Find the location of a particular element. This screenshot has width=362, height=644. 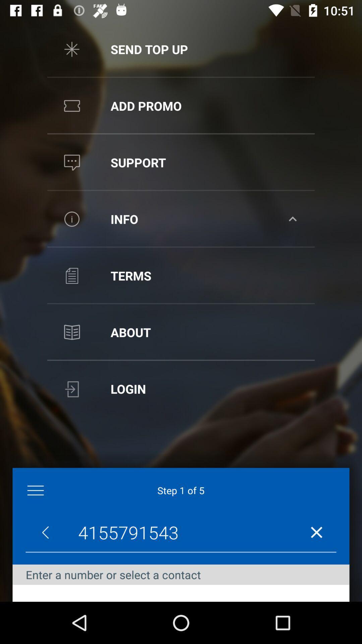

the arrow_backward icon is located at coordinates (45, 532).